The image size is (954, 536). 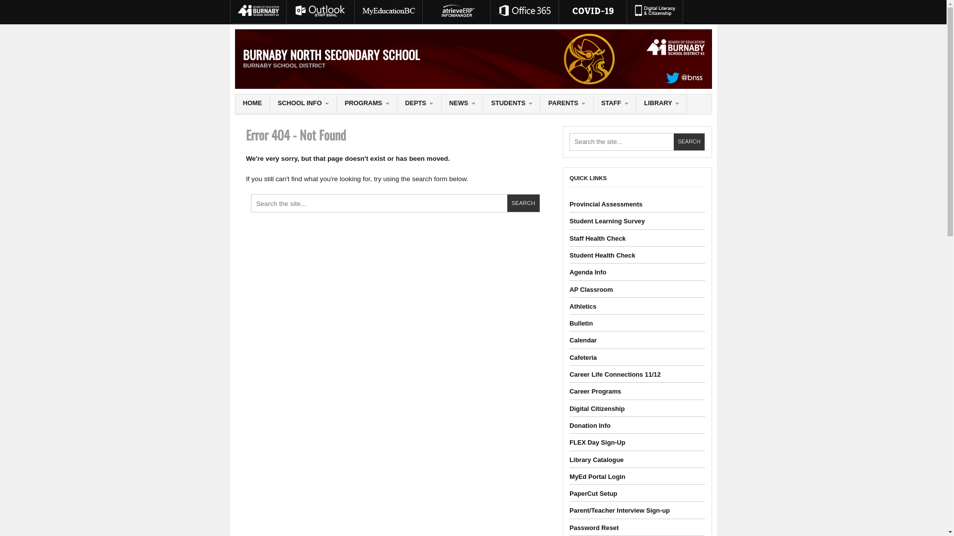 I want to click on 'SCHOOL INFO', so click(x=303, y=104).